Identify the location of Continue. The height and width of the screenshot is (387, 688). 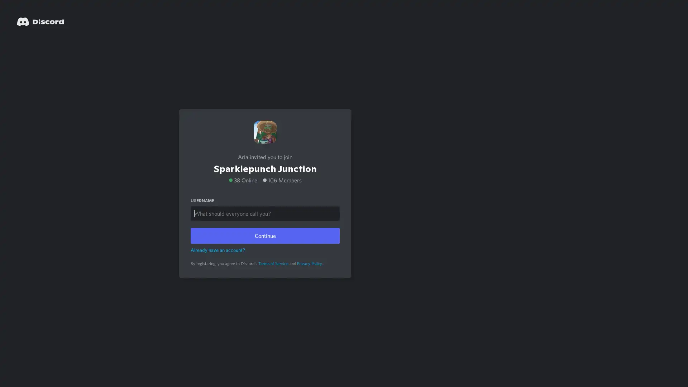
(264, 235).